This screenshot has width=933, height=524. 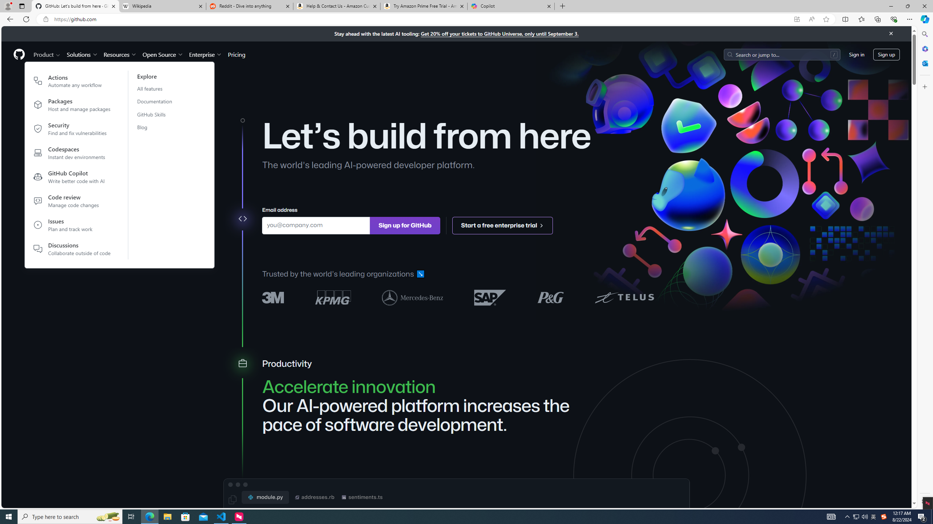 I want to click on 'Start a free enterprise trial ', so click(x=502, y=225).